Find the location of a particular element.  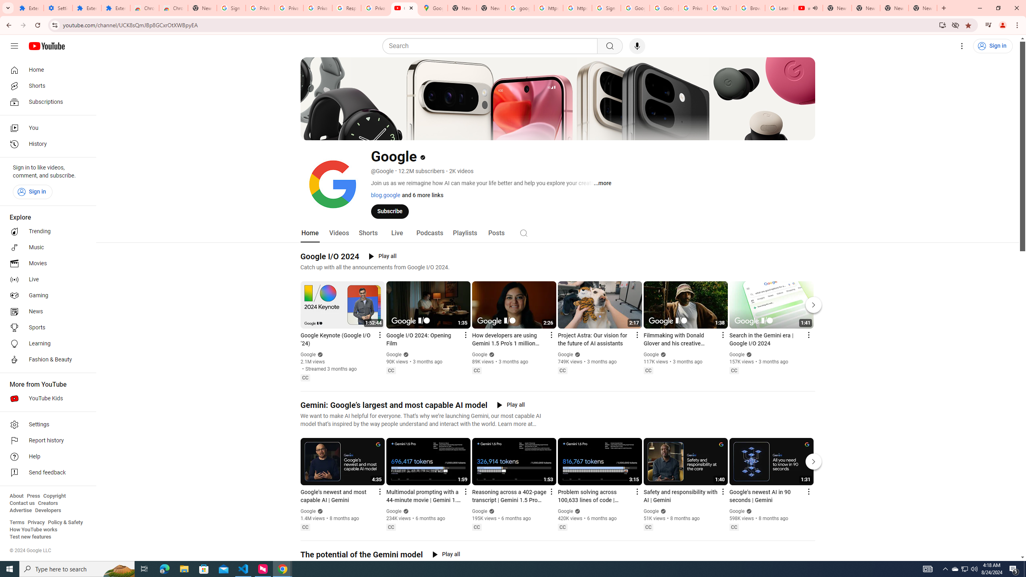

'Install YouTube' is located at coordinates (942, 24).